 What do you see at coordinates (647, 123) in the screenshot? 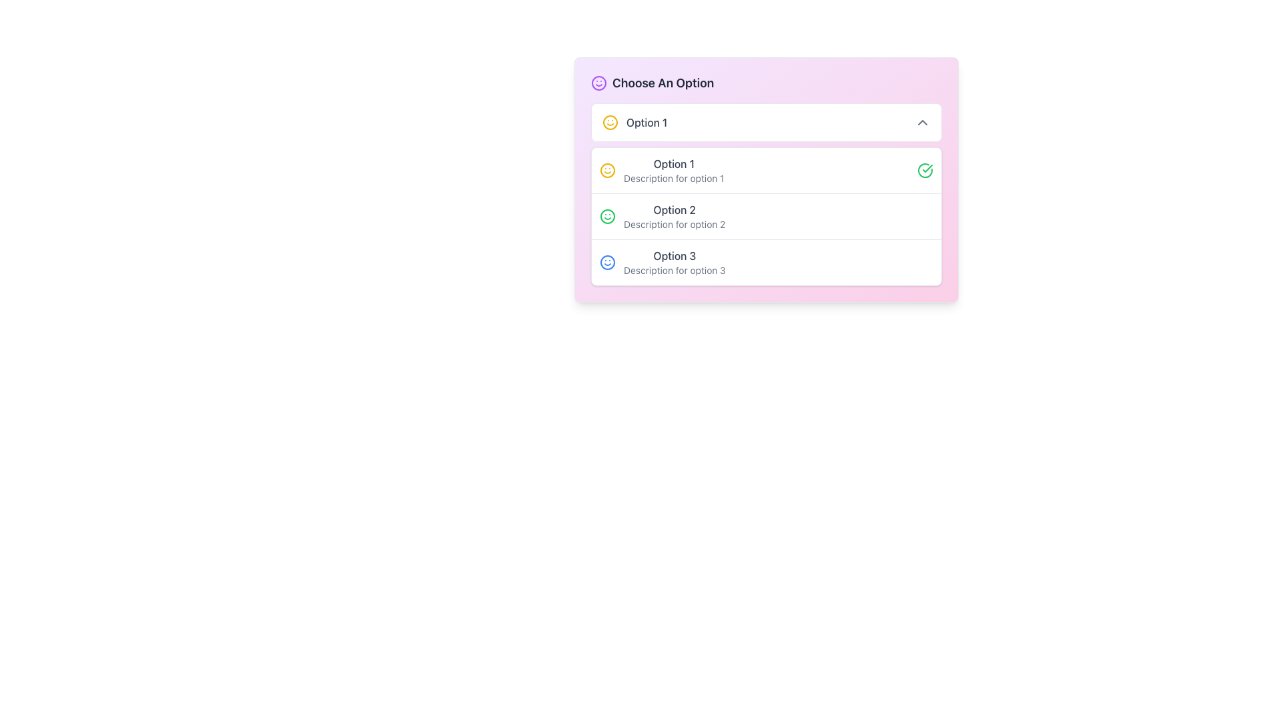
I see `the 'Option 1' label in the dropdown list` at bounding box center [647, 123].